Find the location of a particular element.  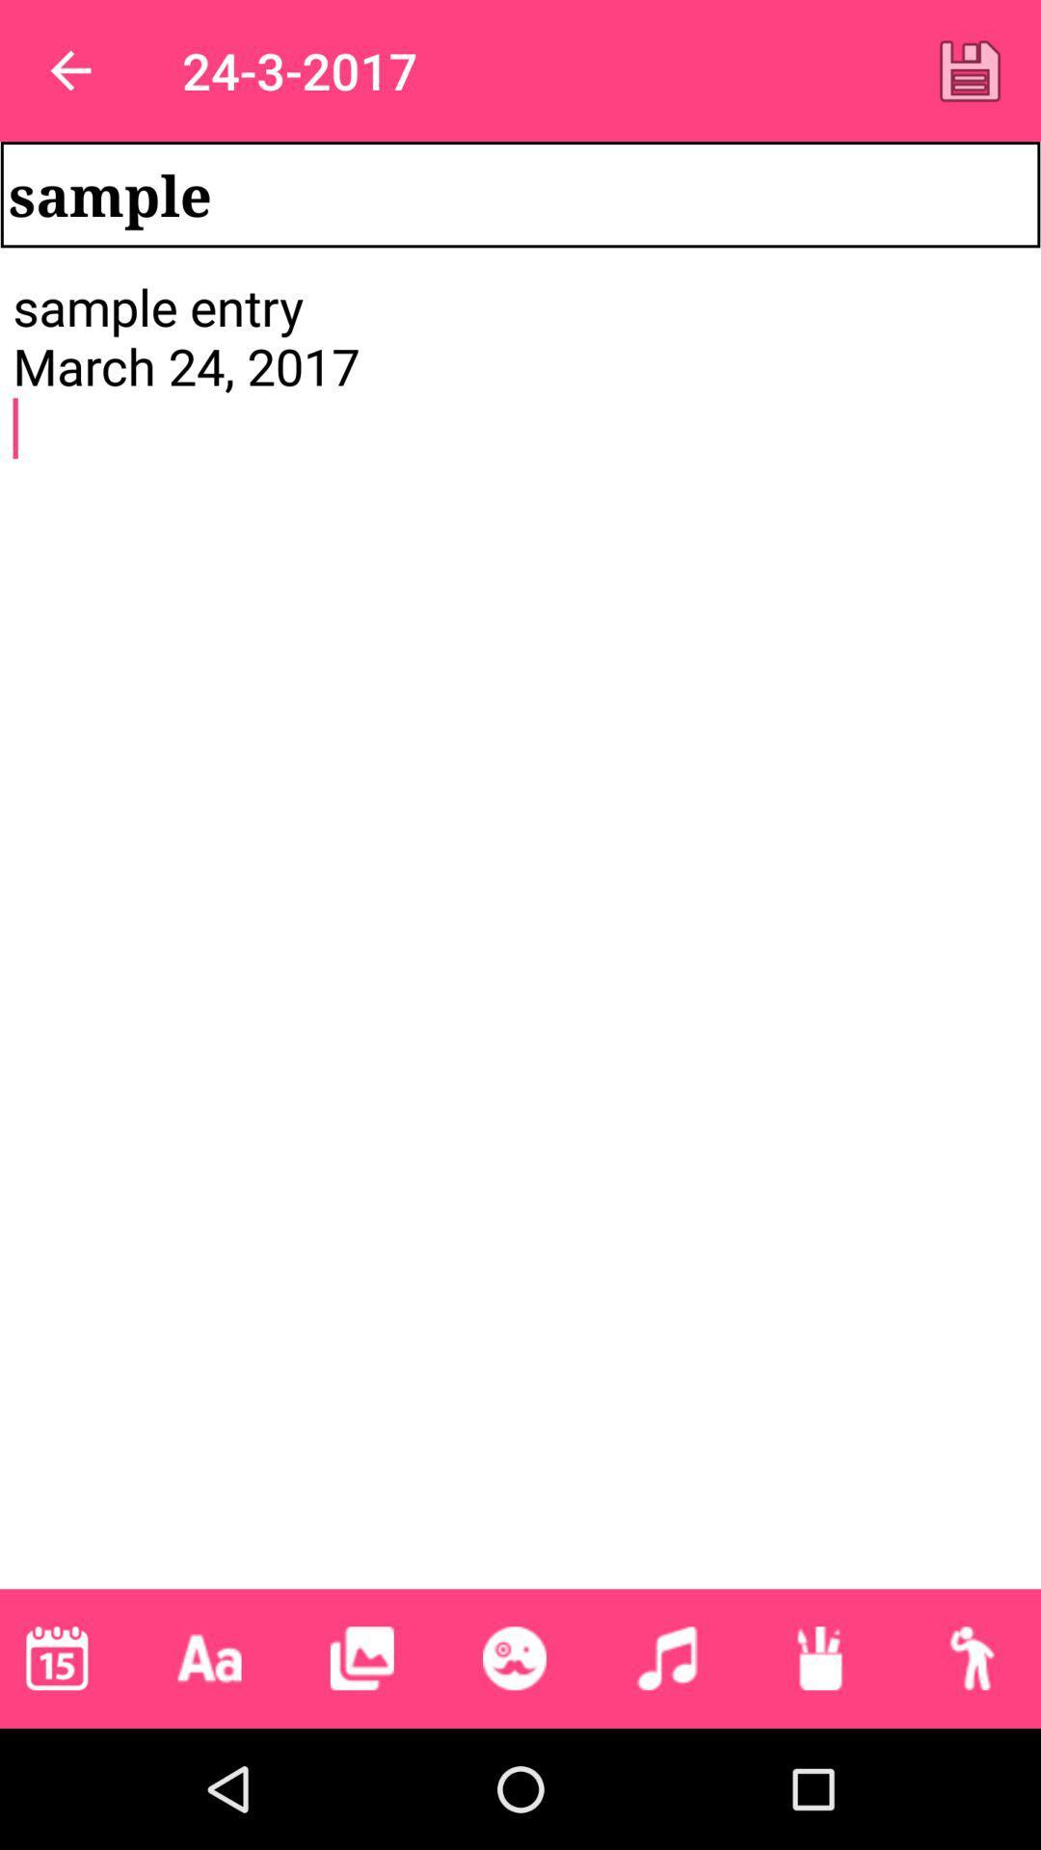

change date is located at coordinates (56, 1657).